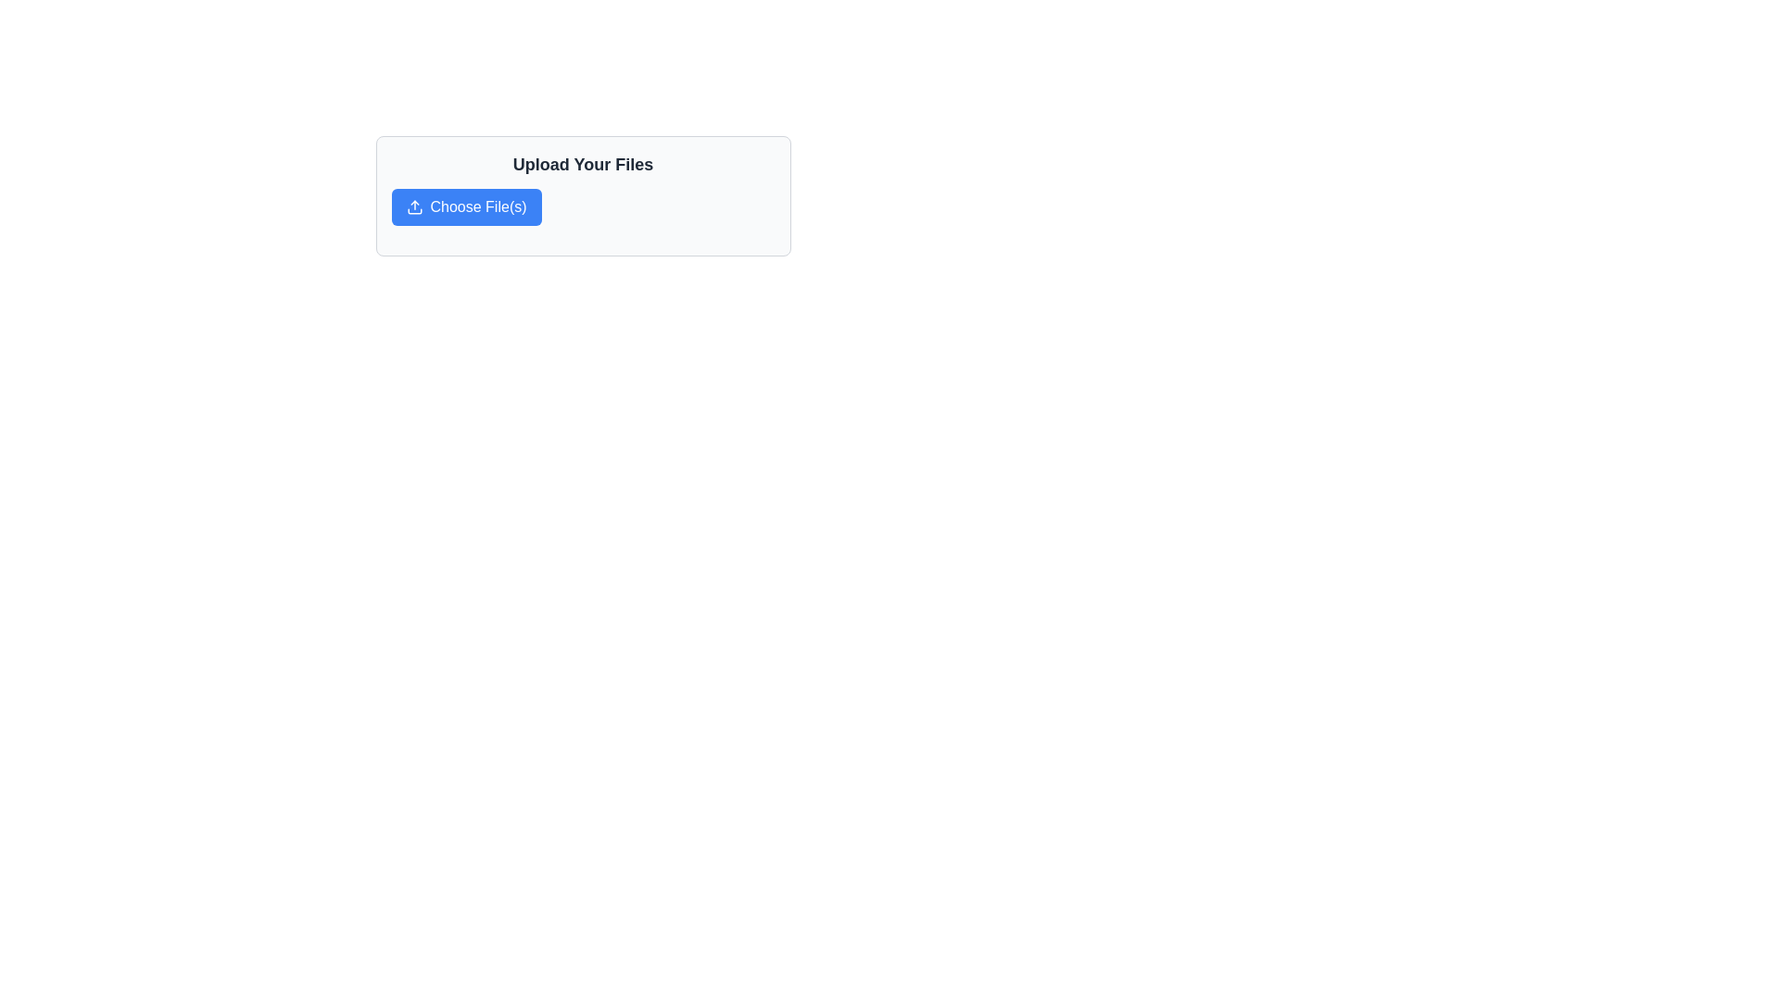 Image resolution: width=1779 pixels, height=1000 pixels. Describe the element at coordinates (413, 206) in the screenshot. I see `the SVG upload icon within the 'Choose File(s)' button` at that location.